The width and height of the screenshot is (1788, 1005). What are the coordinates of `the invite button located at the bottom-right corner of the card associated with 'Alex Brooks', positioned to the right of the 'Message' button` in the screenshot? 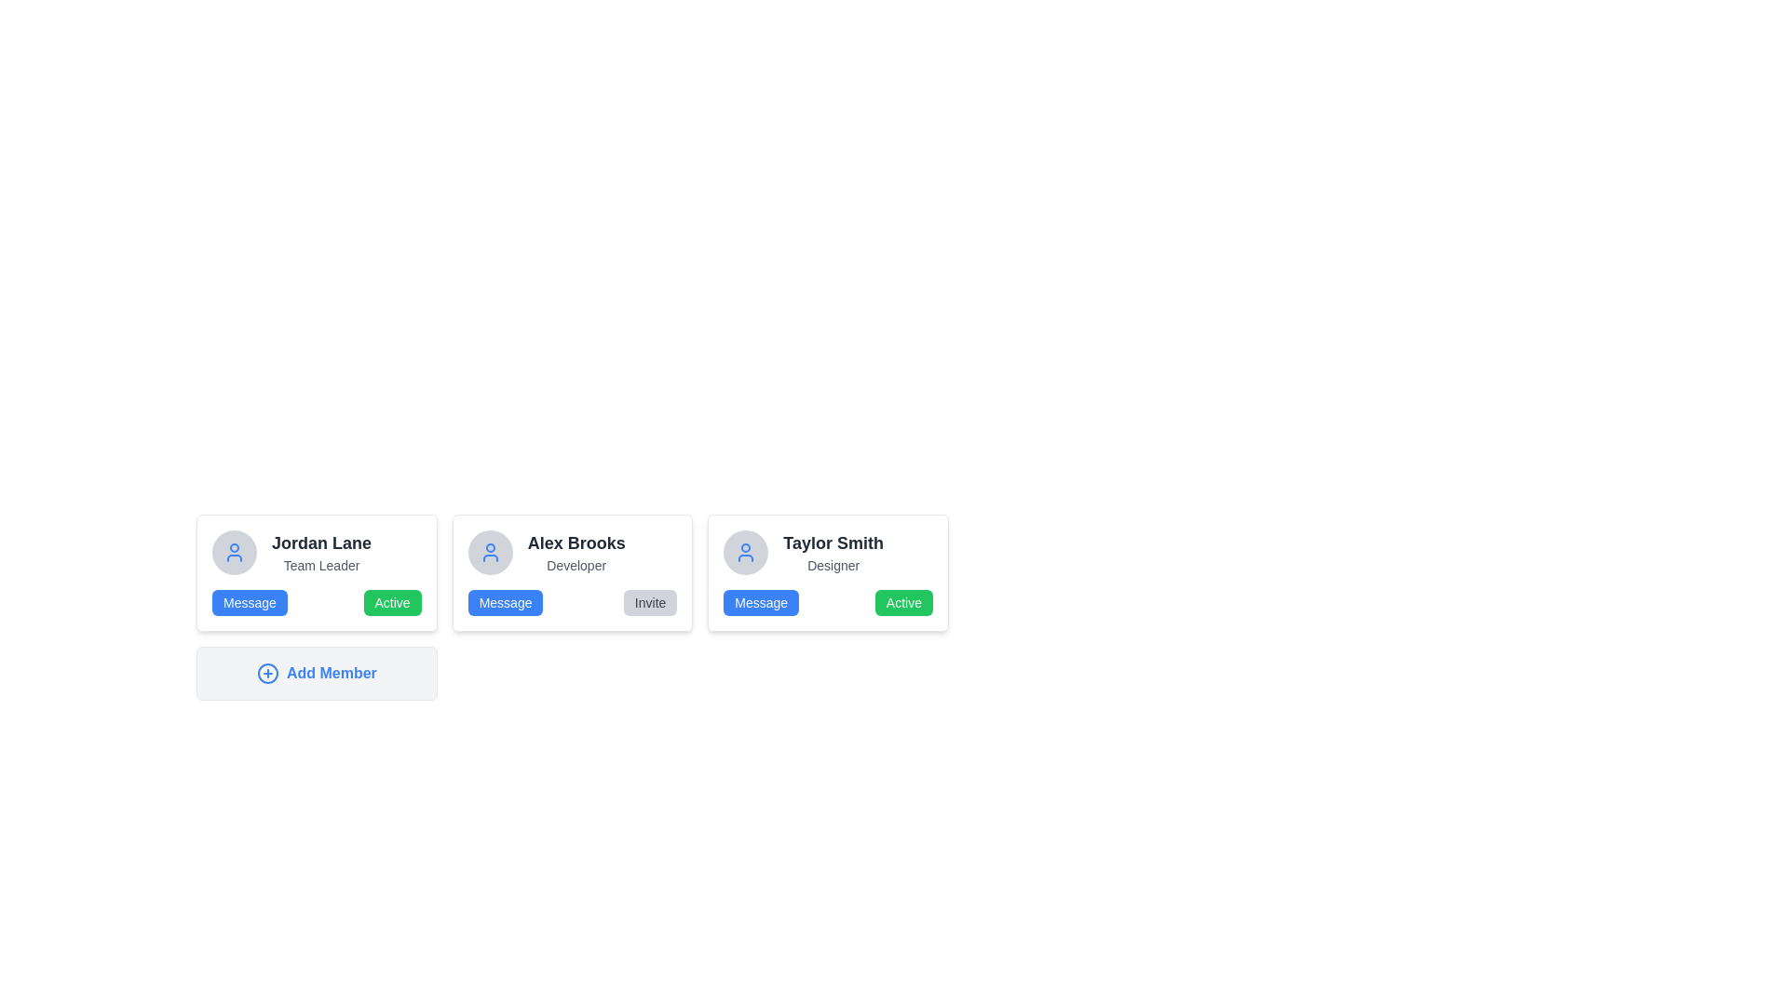 It's located at (650, 603).